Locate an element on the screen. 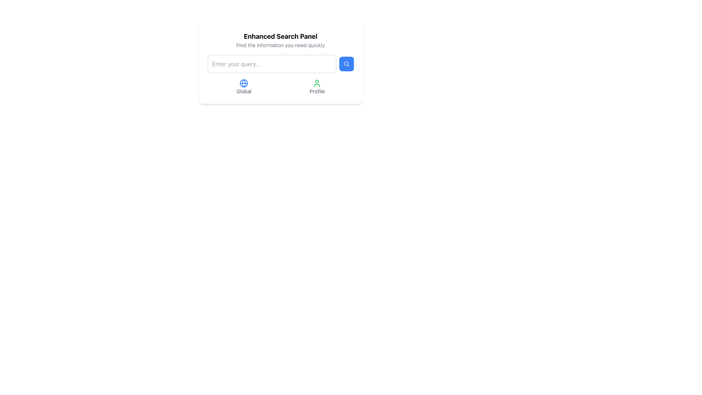  the search icon located within a rounded blue button adjacent to the search input field is located at coordinates (346, 63).